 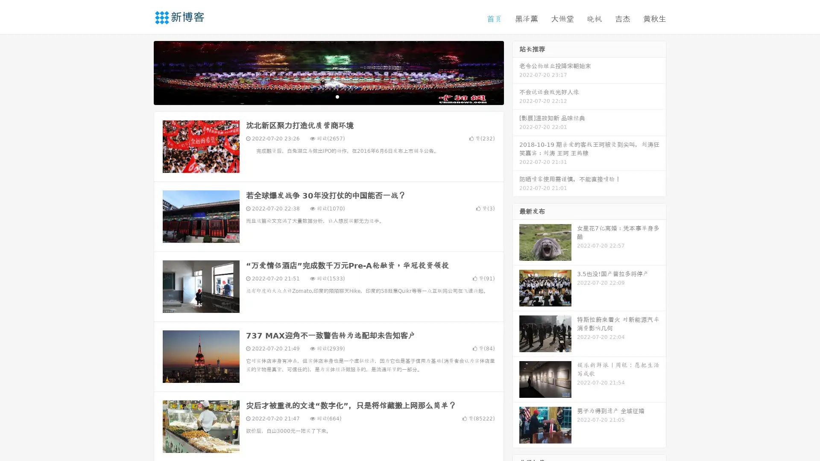 What do you see at coordinates (337, 96) in the screenshot?
I see `Go to slide 3` at bounding box center [337, 96].